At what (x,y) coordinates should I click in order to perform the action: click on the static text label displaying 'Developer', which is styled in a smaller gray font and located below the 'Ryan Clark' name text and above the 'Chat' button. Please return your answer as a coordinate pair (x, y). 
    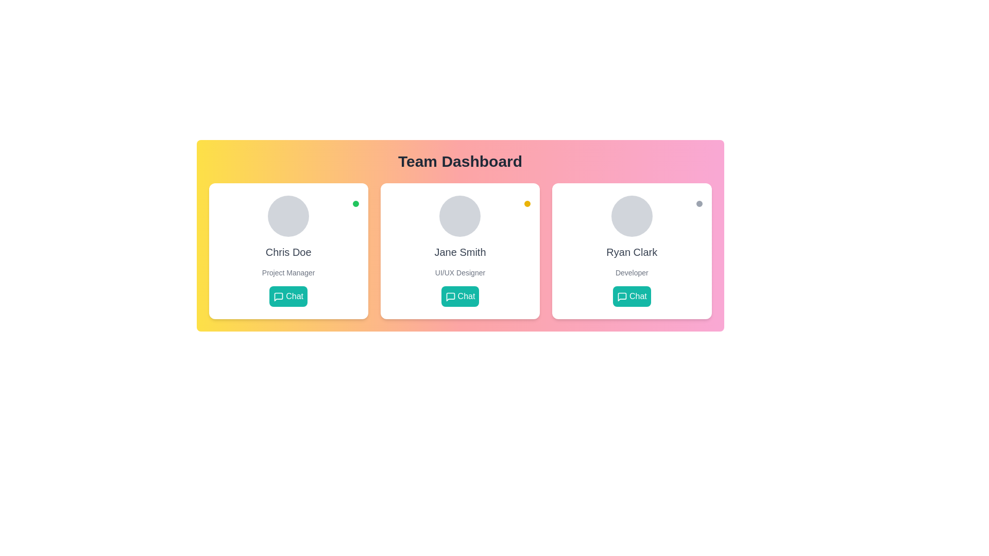
    Looking at the image, I should click on (631, 272).